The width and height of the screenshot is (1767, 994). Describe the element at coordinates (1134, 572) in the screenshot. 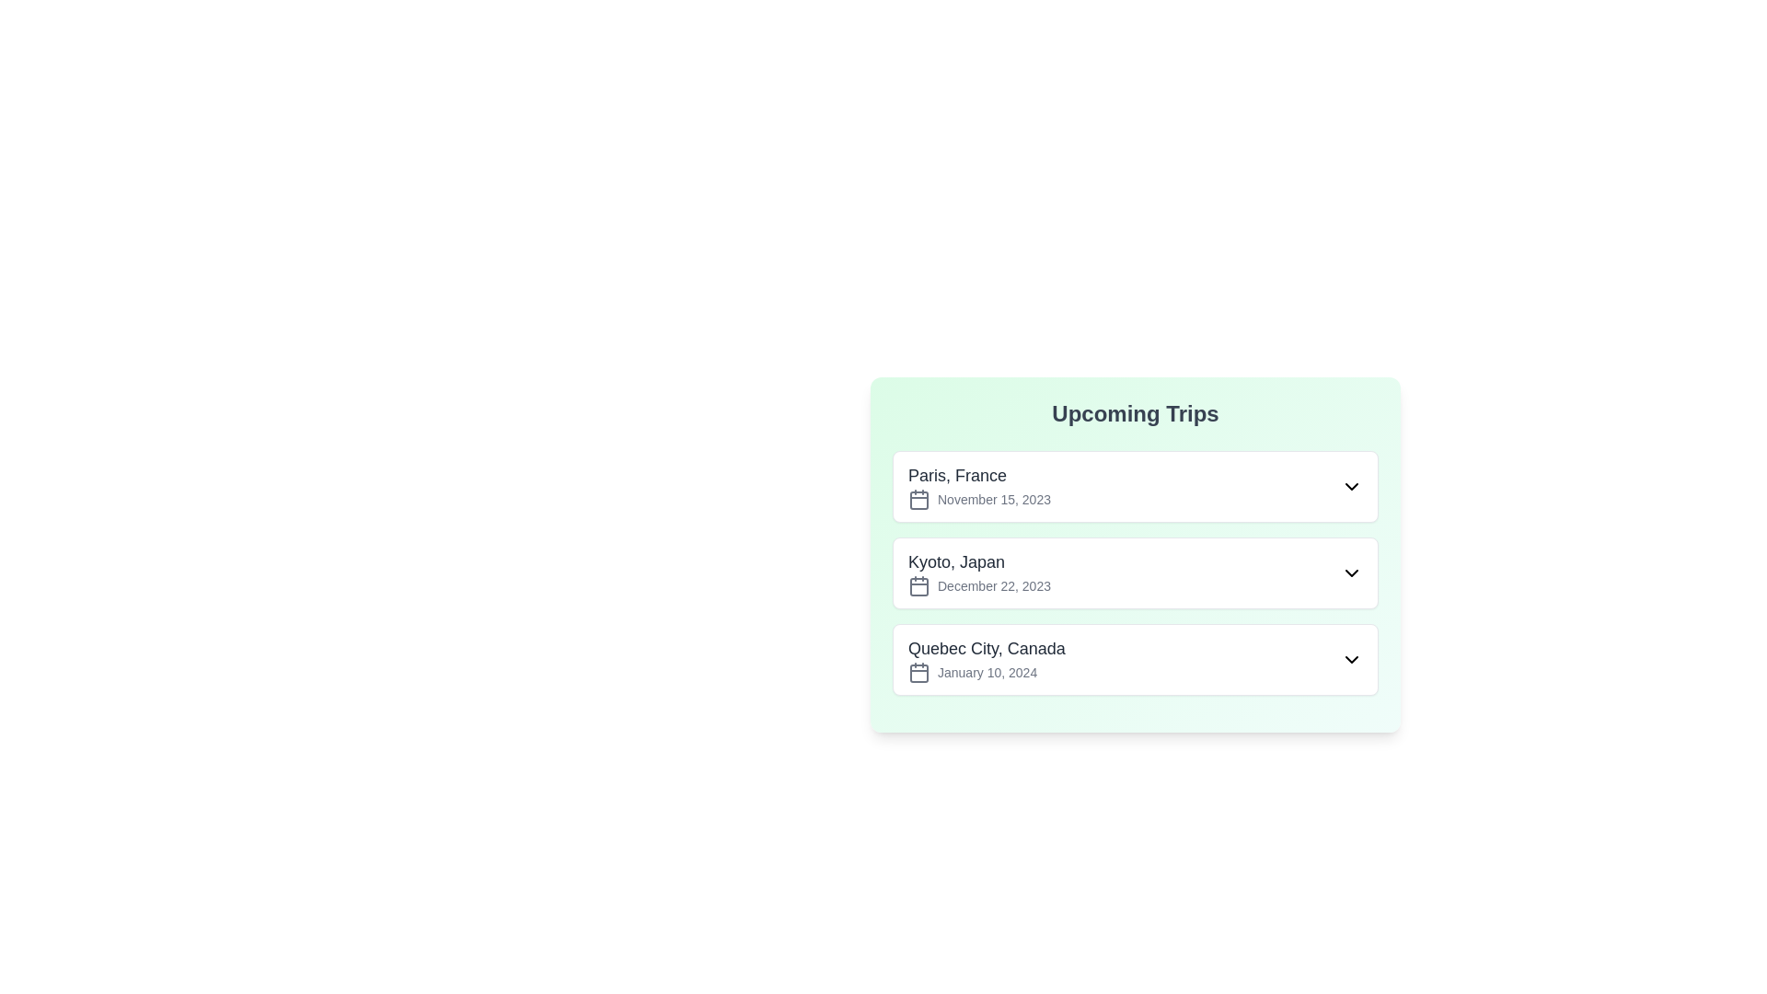

I see `the second item in the 'Upcoming Trips' section, which provides details about the trip to Kyoto, Japan` at that location.